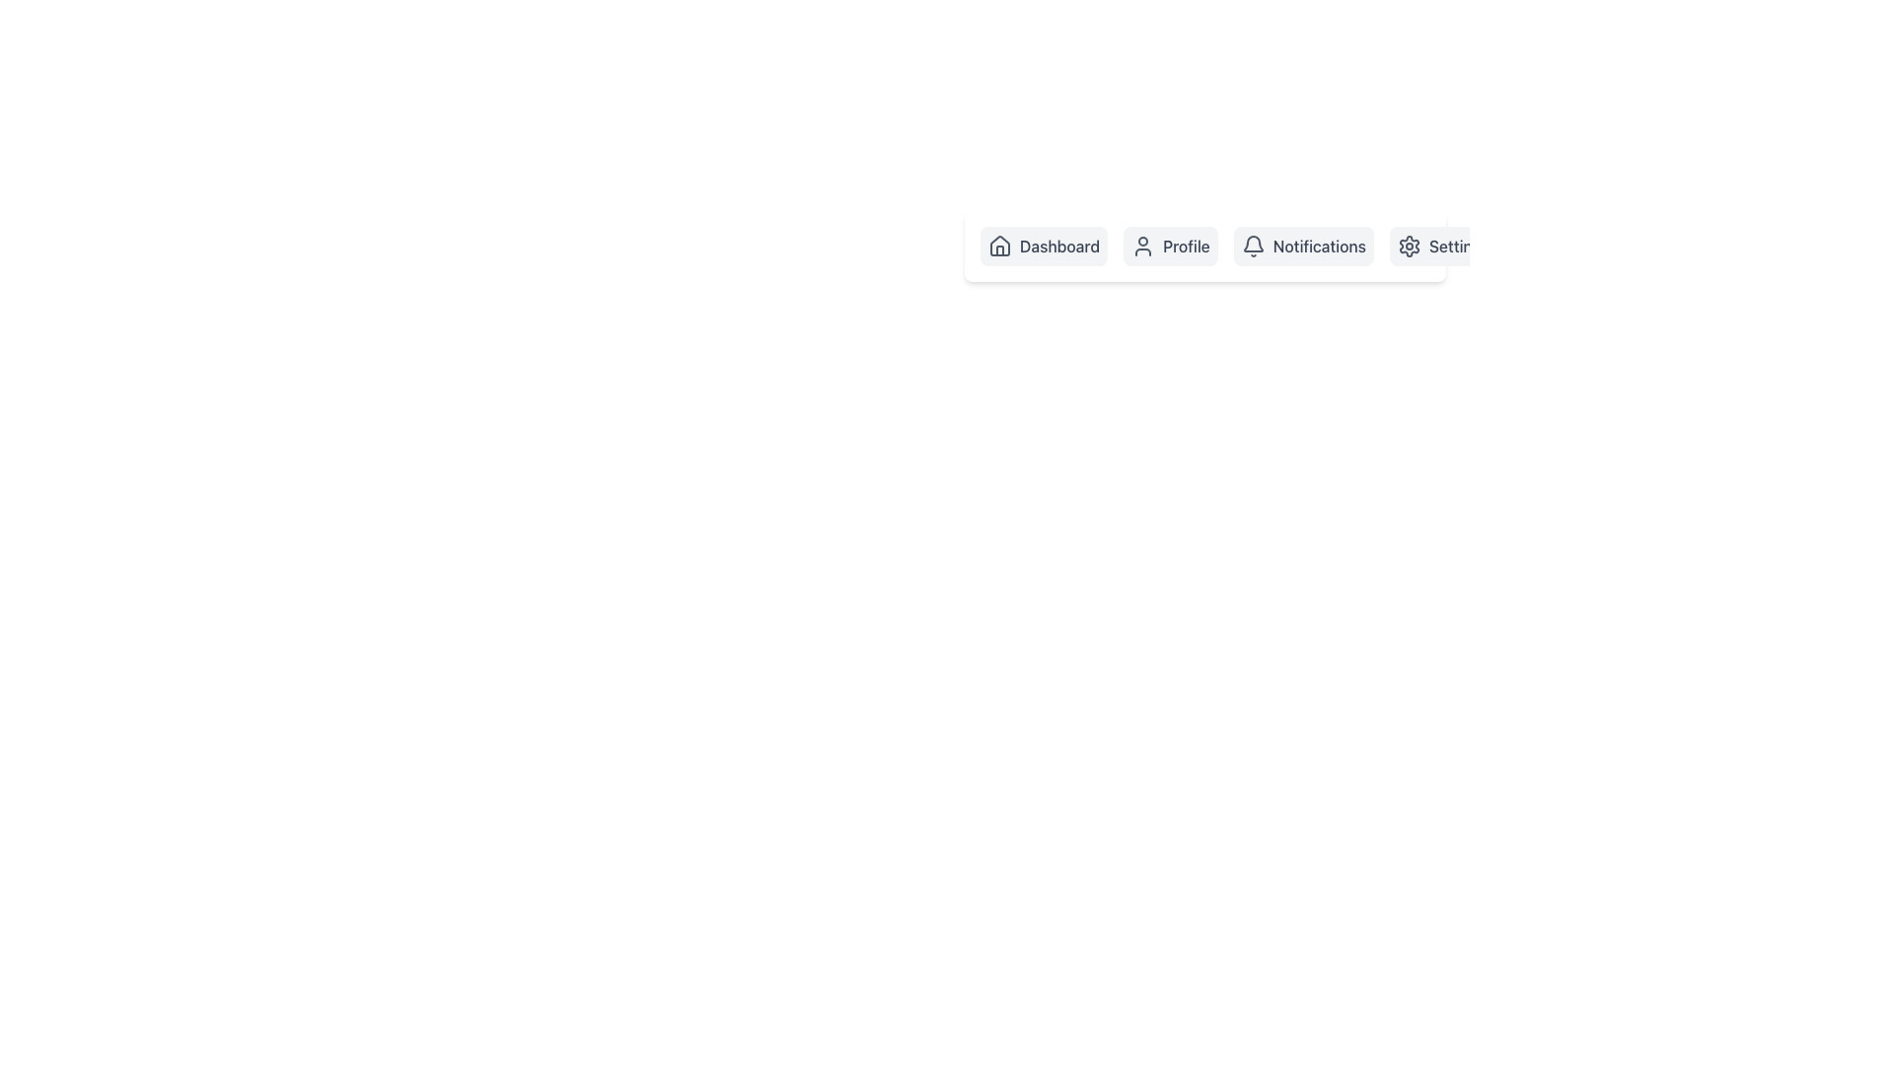  Describe the element at coordinates (999, 249) in the screenshot. I see `the house-shaped icon button located in the top-right navigation menu, adjacent to the 'Dashboard' label` at that location.